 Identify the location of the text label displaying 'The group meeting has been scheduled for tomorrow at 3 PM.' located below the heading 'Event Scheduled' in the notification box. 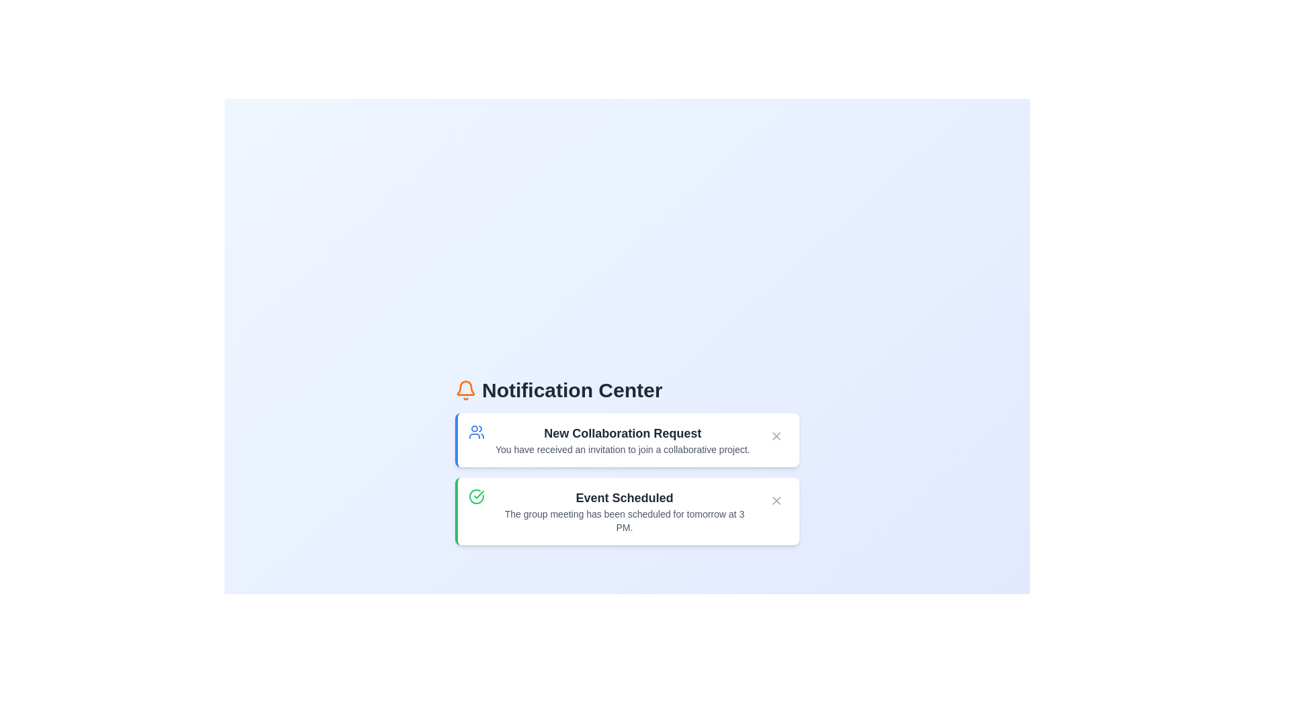
(623, 520).